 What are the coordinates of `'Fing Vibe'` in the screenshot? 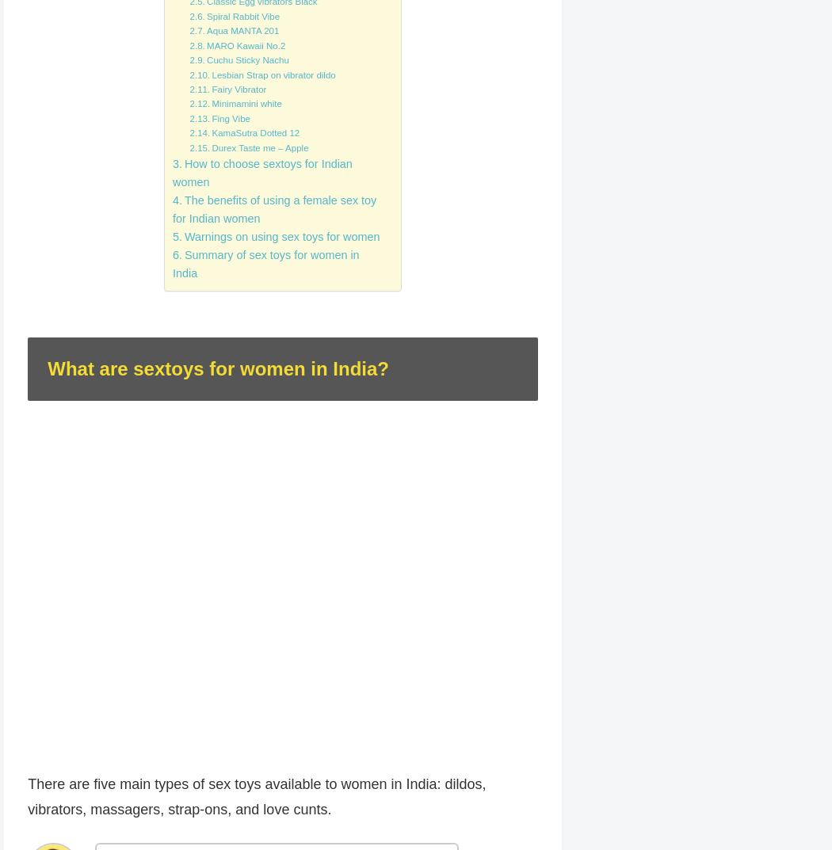 It's located at (229, 117).